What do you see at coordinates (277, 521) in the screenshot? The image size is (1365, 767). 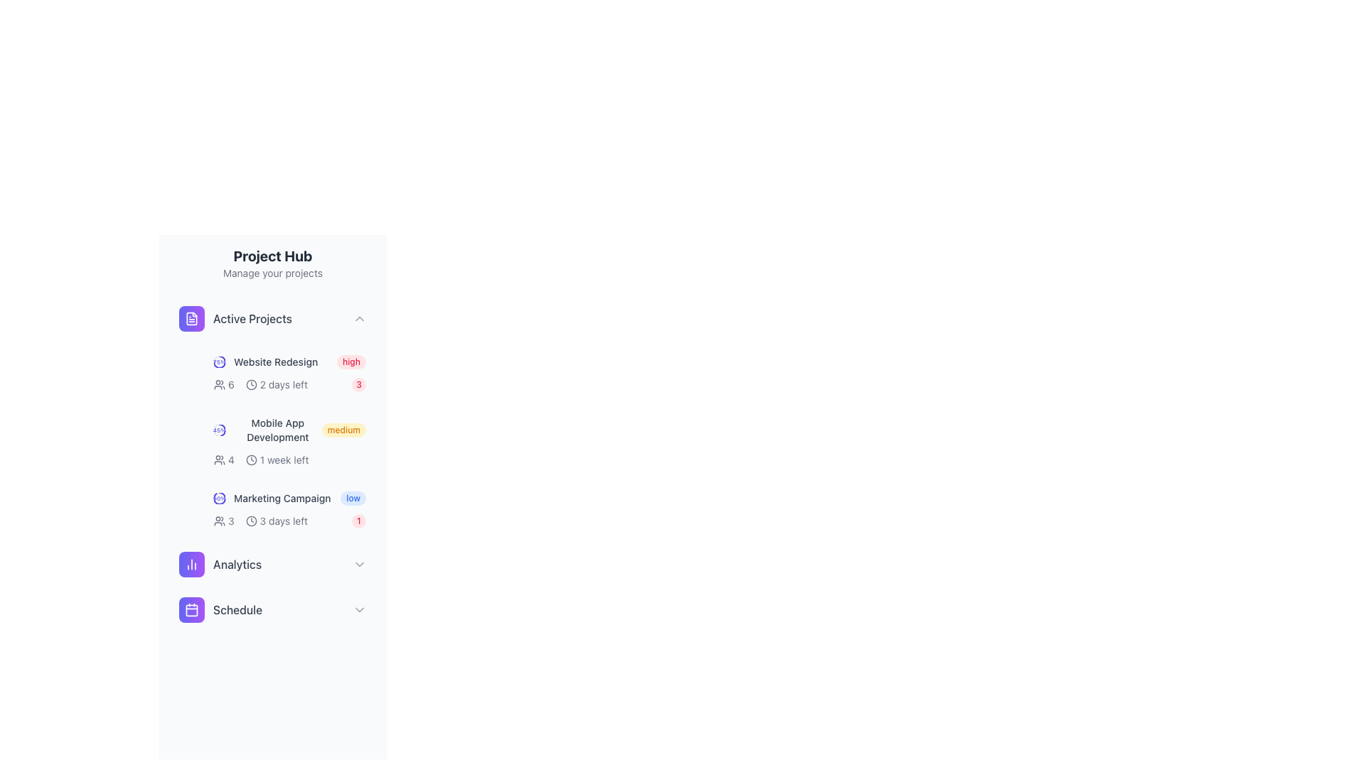 I see `the informational text element displaying a clock icon followed by the text '3 days left' in gray font, located in the 'Active Projects' section under 'Marketing Campaign'` at bounding box center [277, 521].